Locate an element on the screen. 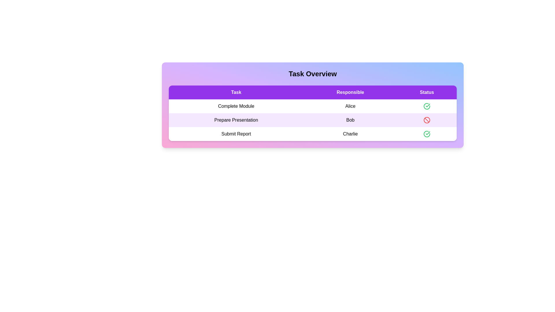  the first status icon in the 'Status' column that indicates the task 'Complete Module' has been successfully completed is located at coordinates (427, 106).